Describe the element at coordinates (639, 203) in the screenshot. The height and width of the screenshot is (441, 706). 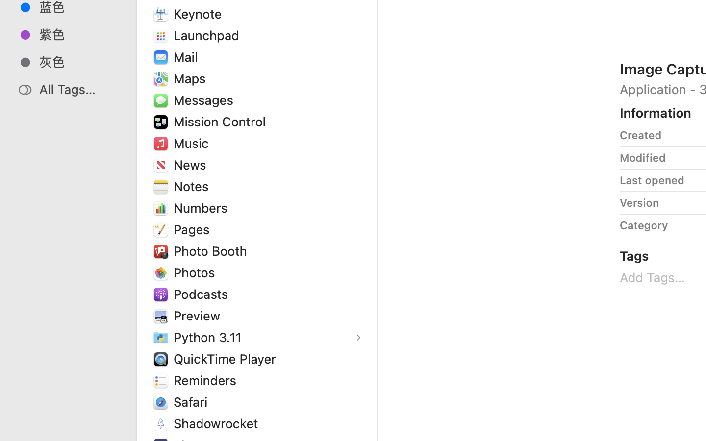
I see `'Version'` at that location.